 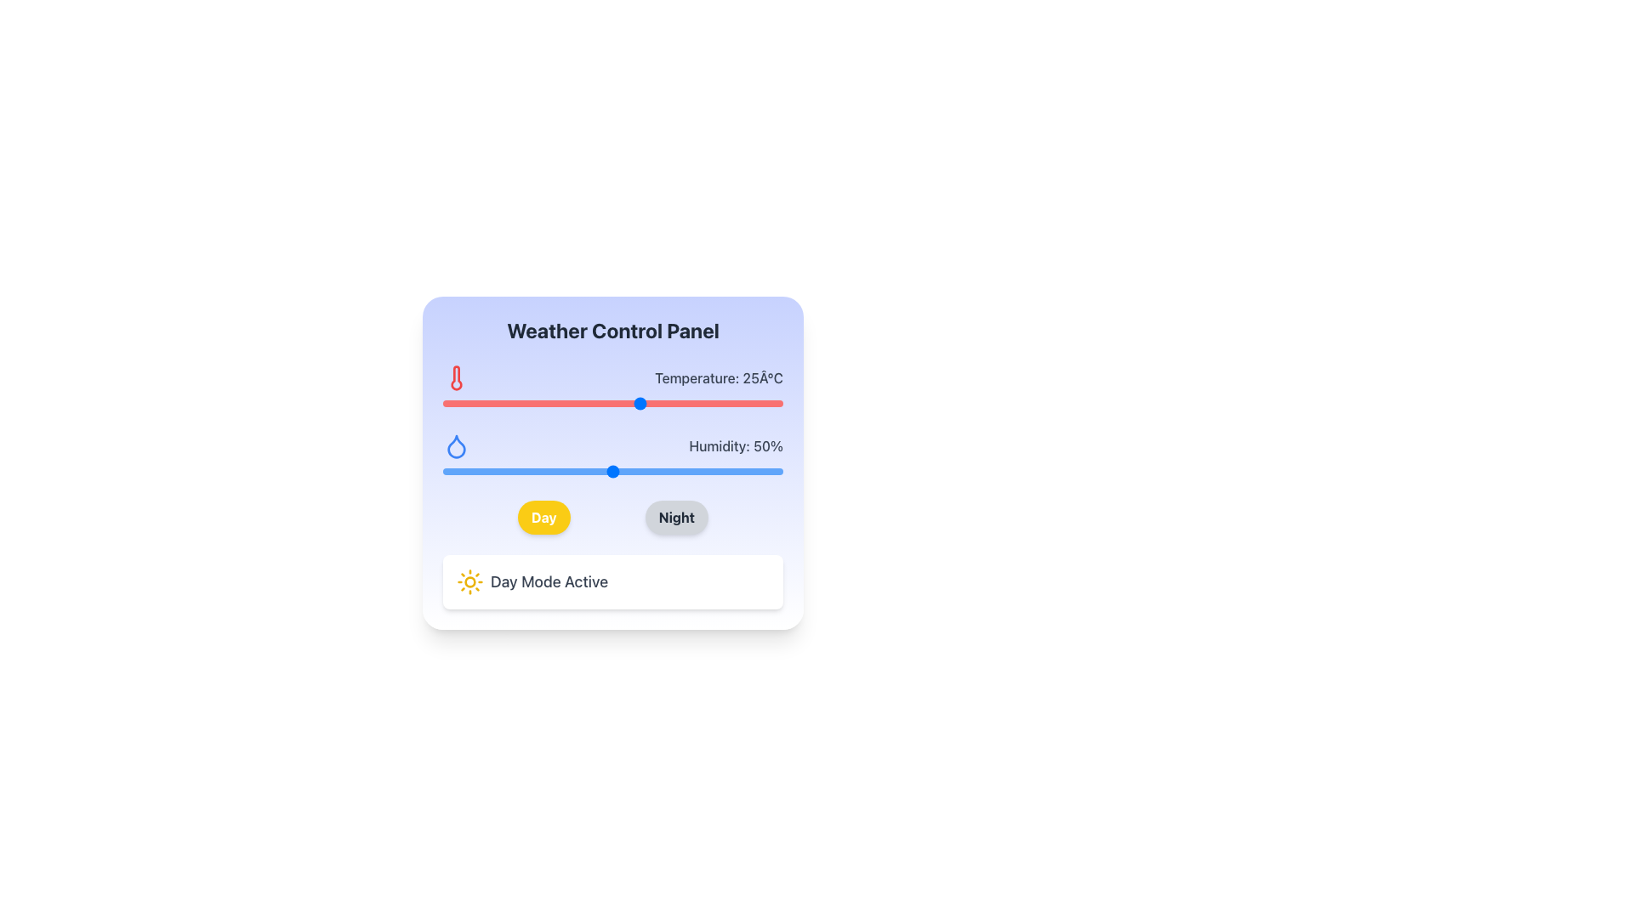 What do you see at coordinates (754, 472) in the screenshot?
I see `humidity` at bounding box center [754, 472].